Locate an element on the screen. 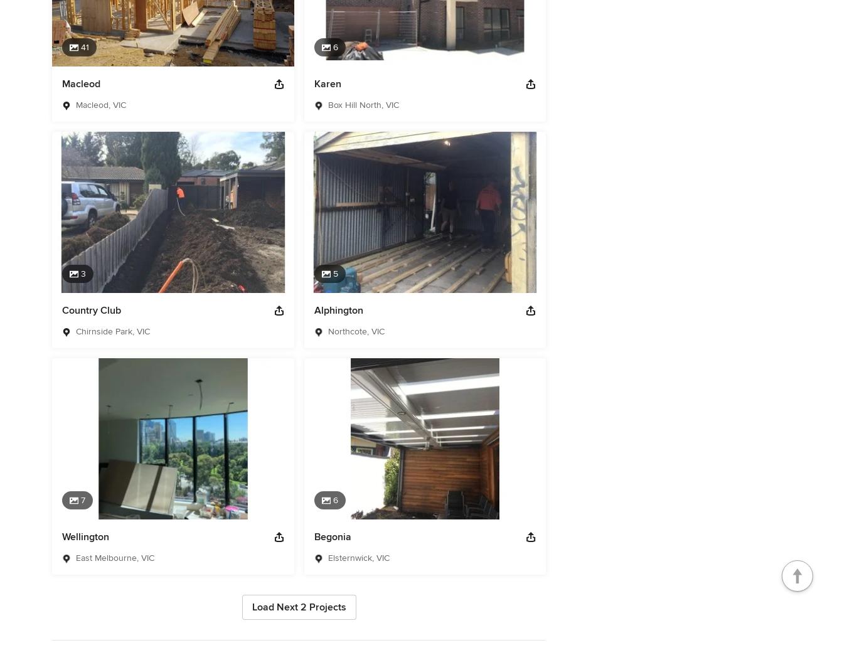  'Begonia' is located at coordinates (331, 535).